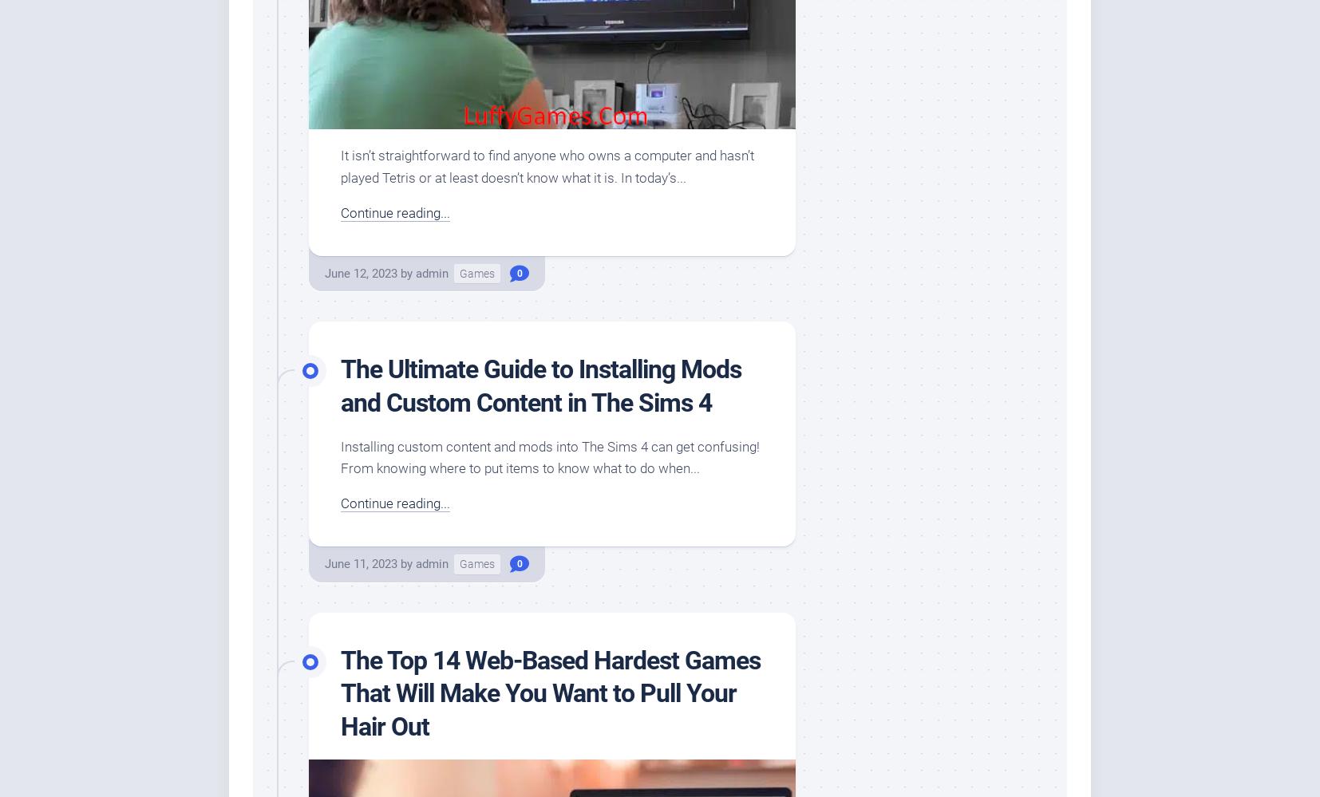 The height and width of the screenshot is (797, 1320). I want to click on 'June 12, 2023', so click(361, 272).